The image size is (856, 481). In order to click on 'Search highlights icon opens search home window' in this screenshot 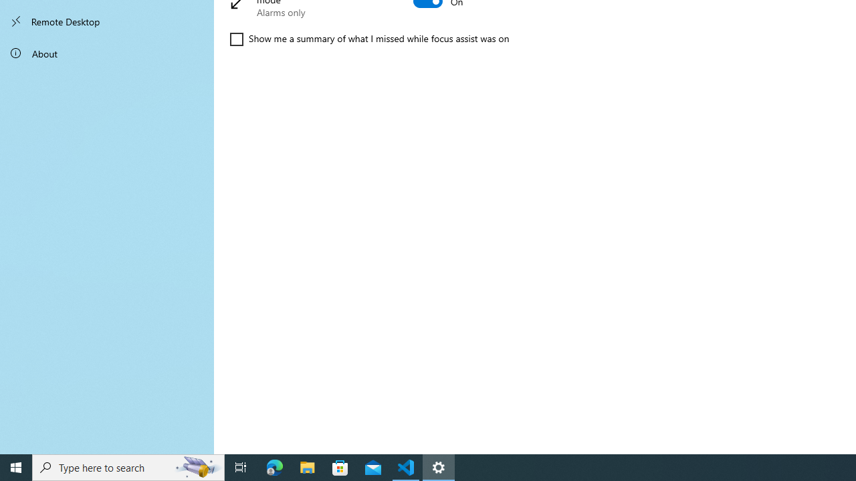, I will do `click(197, 466)`.